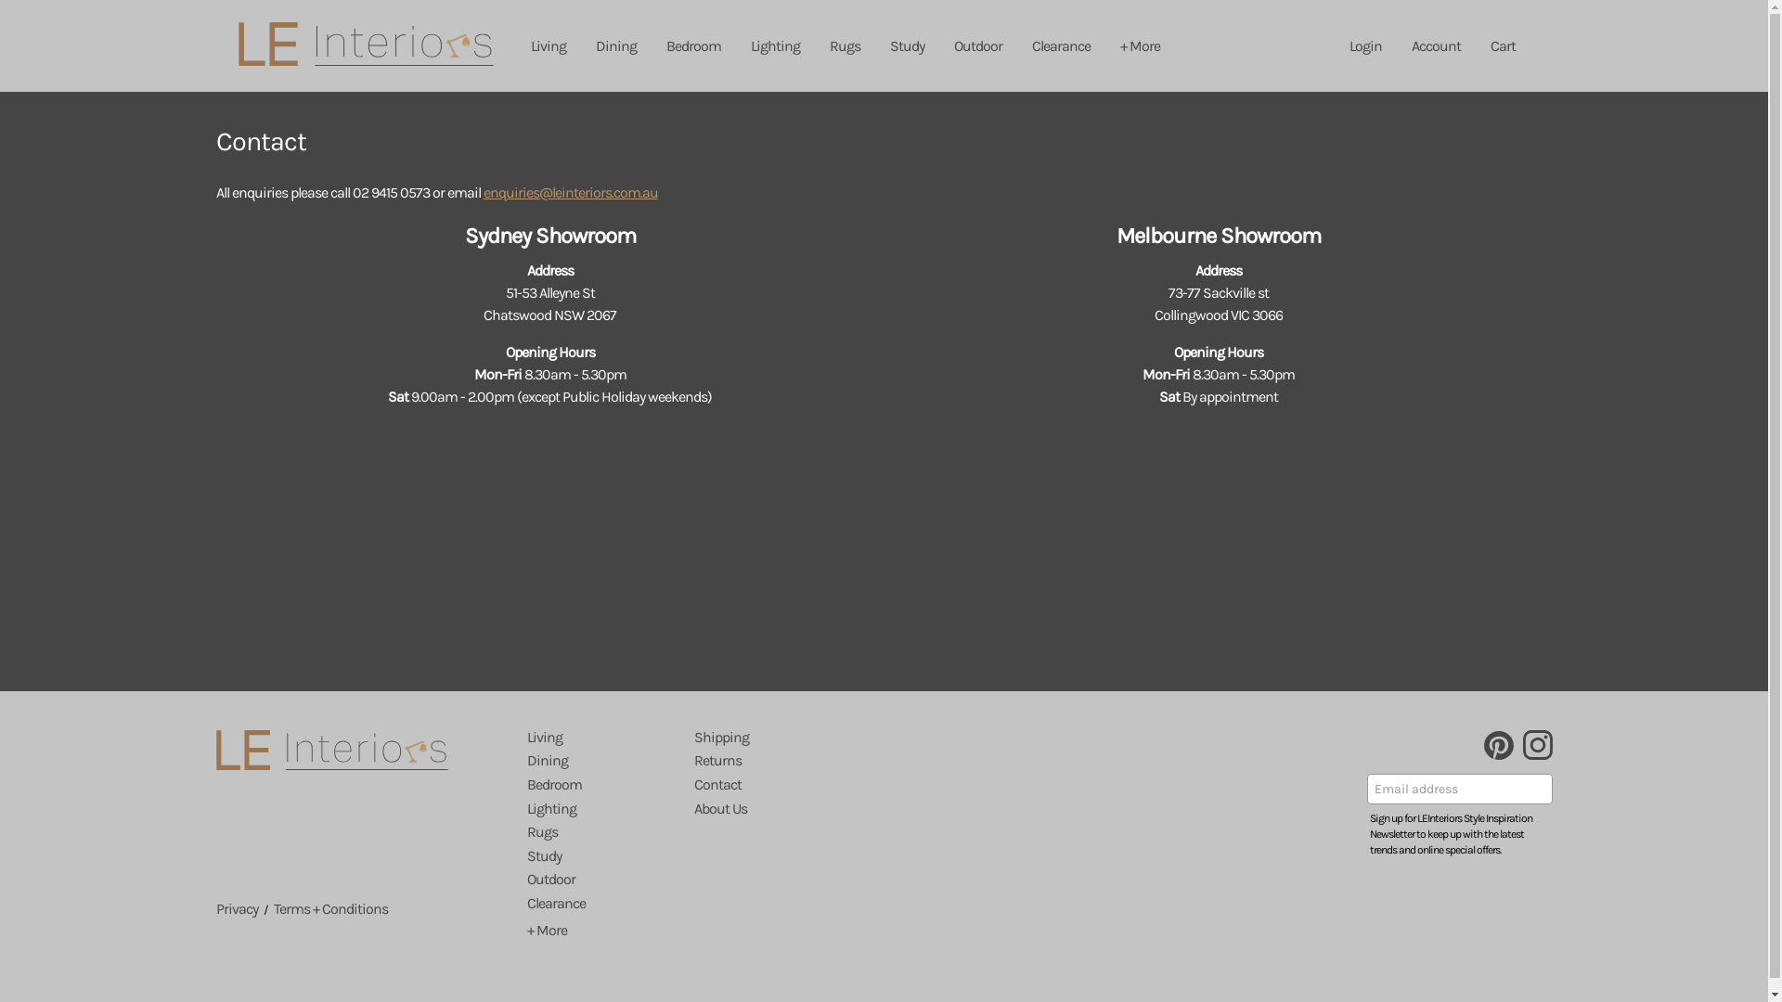  Describe the element at coordinates (235, 907) in the screenshot. I see `'Privacy'` at that location.